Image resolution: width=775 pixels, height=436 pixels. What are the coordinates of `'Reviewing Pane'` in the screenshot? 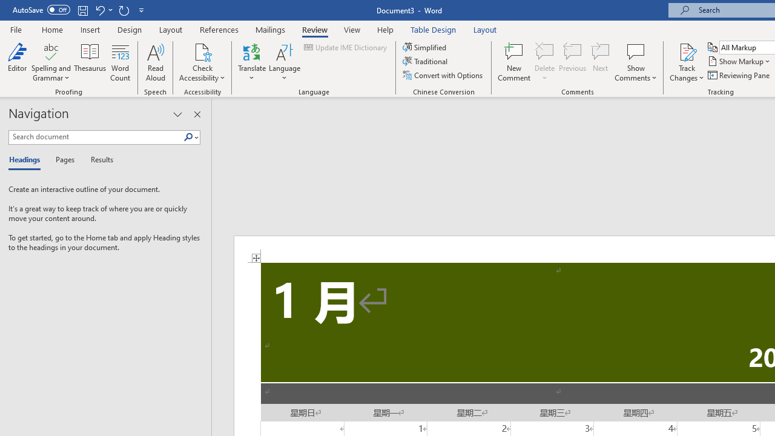 It's located at (739, 75).